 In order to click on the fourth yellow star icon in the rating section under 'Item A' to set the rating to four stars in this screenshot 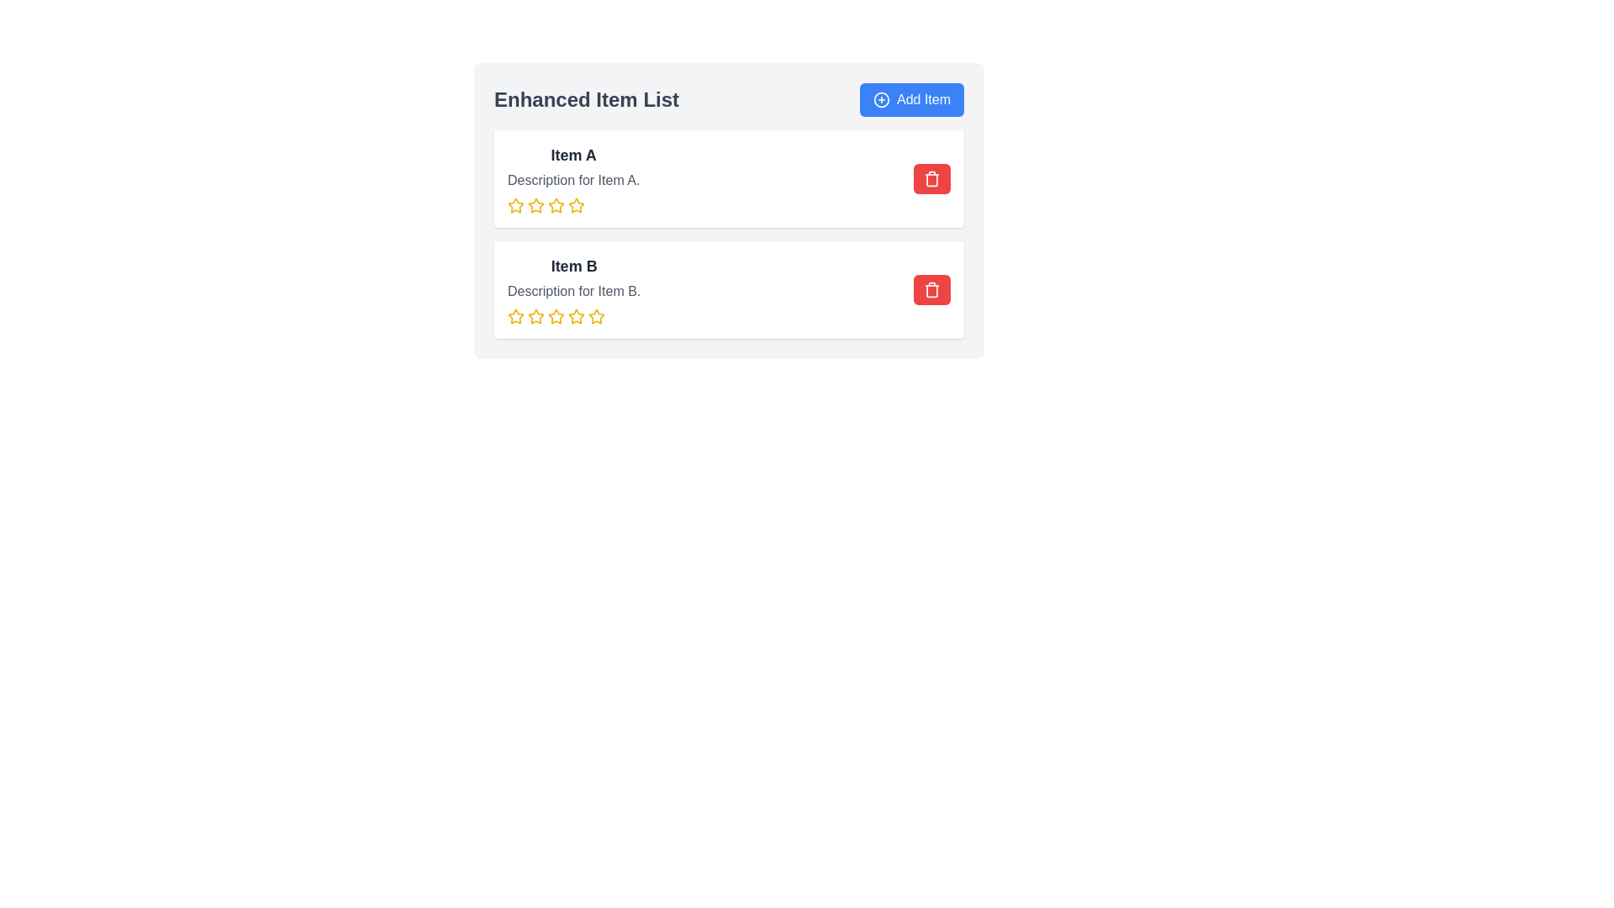, I will do `click(556, 205)`.